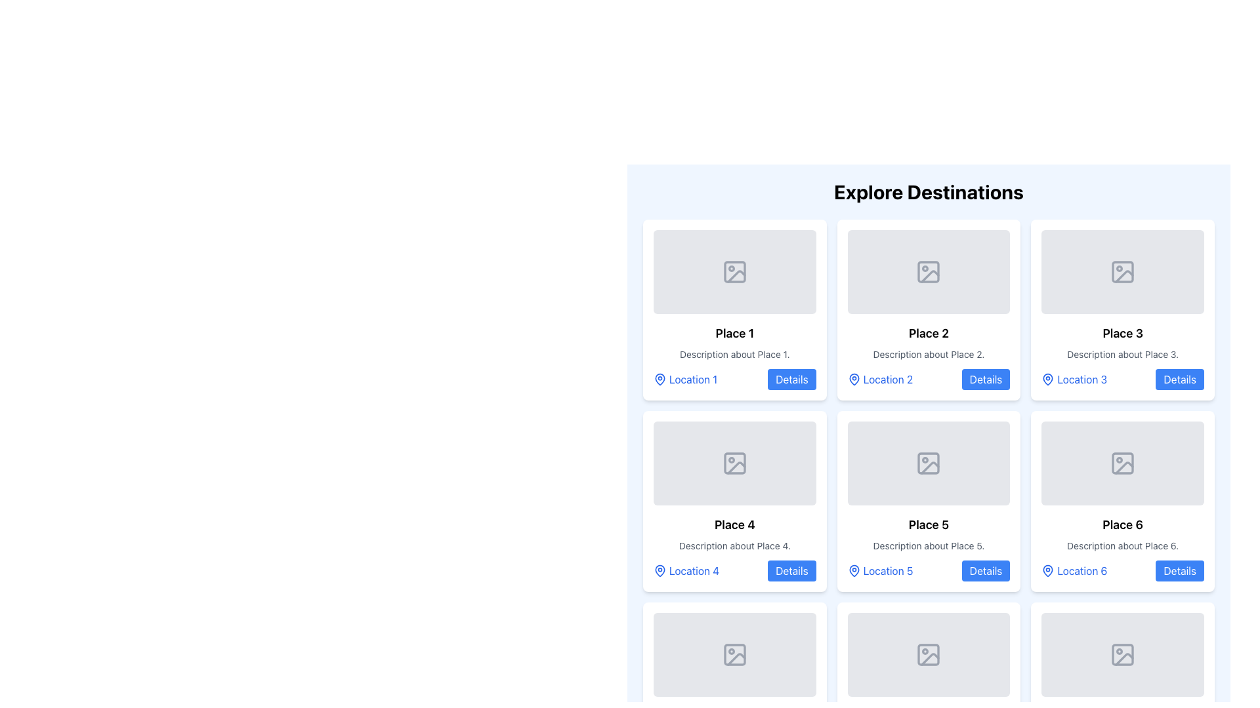  I want to click on the placeholder image icon located in the upper central section of the 'Place 5' card, which indicates the absence of content, so click(928, 462).